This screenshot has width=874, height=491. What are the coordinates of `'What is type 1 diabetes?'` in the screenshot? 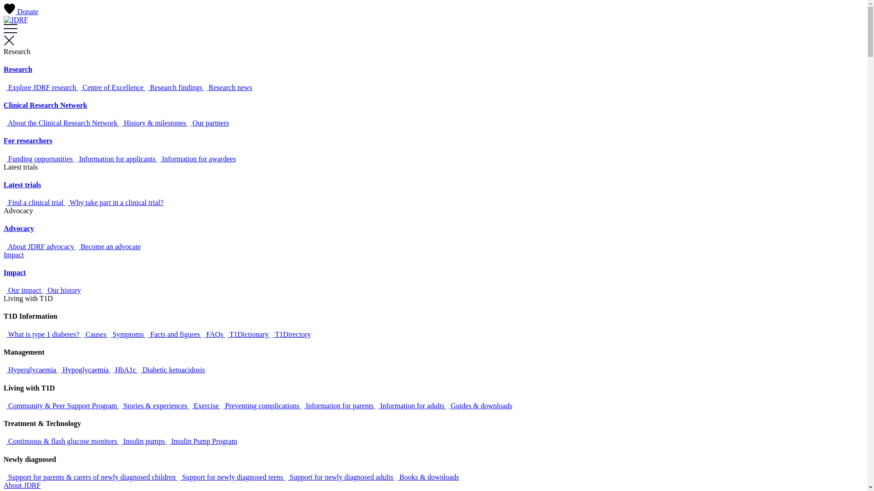 It's located at (4, 334).